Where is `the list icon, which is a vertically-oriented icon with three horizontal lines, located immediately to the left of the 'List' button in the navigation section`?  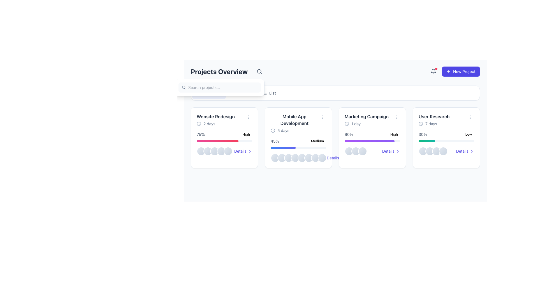
the list icon, which is a vertically-oriented icon with three horizontal lines, located immediately to the left of the 'List' button in the navigation section is located at coordinates (264, 93).